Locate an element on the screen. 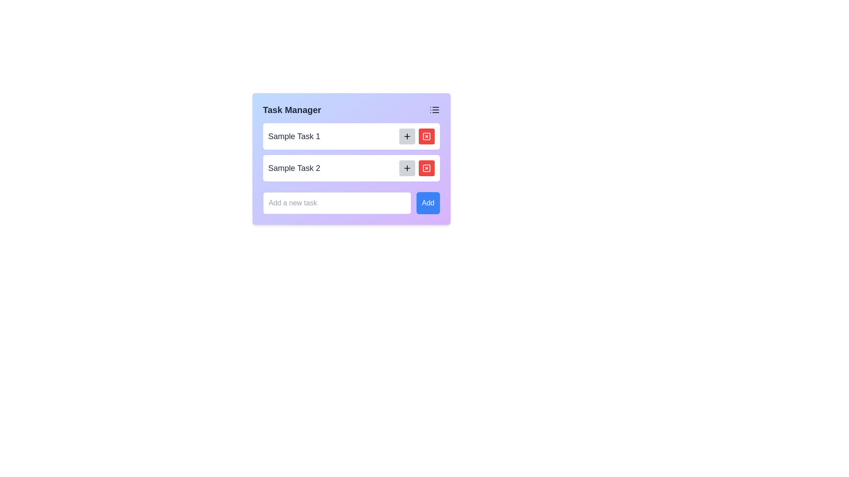 This screenshot has width=849, height=477. the delete button located to the right of the 'Sample Task 2' entry in the task list is located at coordinates (426, 168).